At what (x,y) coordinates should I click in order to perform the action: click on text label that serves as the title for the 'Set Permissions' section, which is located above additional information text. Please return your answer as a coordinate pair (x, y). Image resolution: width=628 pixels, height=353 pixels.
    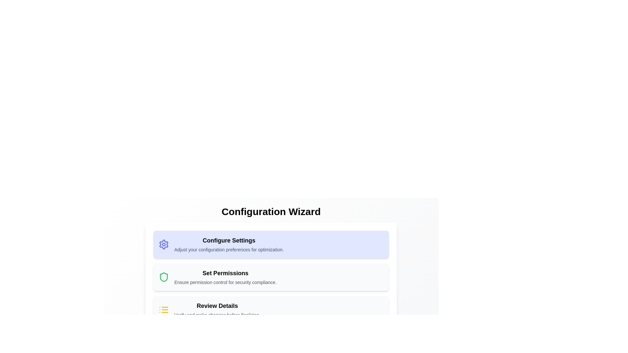
    Looking at the image, I should click on (225, 273).